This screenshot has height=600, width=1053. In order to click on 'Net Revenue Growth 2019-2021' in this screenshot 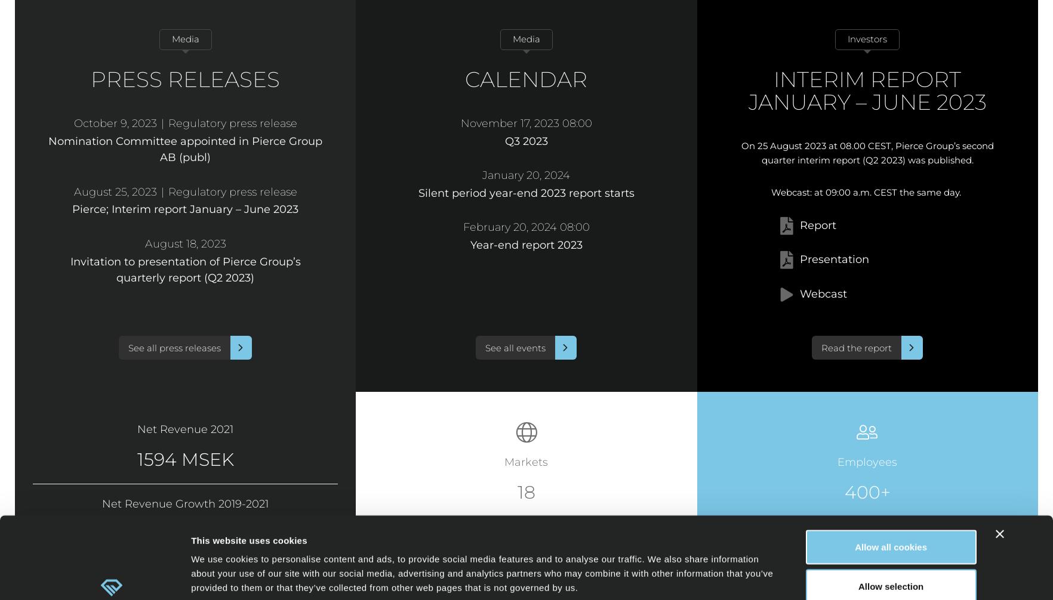, I will do `click(185, 503)`.